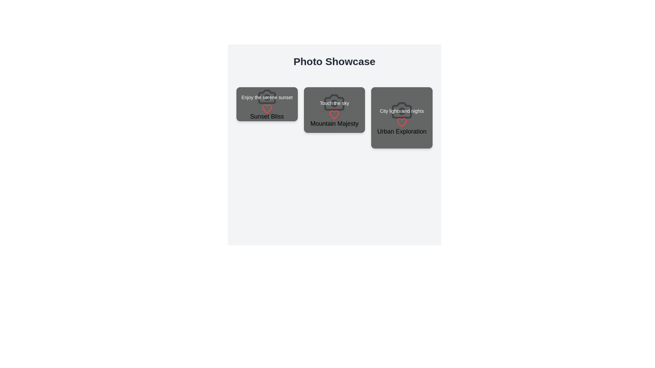 This screenshot has height=368, width=655. Describe the element at coordinates (334, 62) in the screenshot. I see `the header Text Label that indicates the photo showcase section, positioned at the top-center of the interface` at that location.